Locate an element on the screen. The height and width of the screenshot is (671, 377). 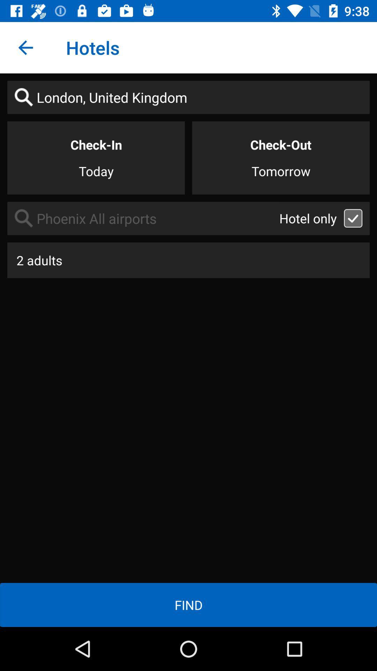
london, united kingdom is located at coordinates (188, 97).